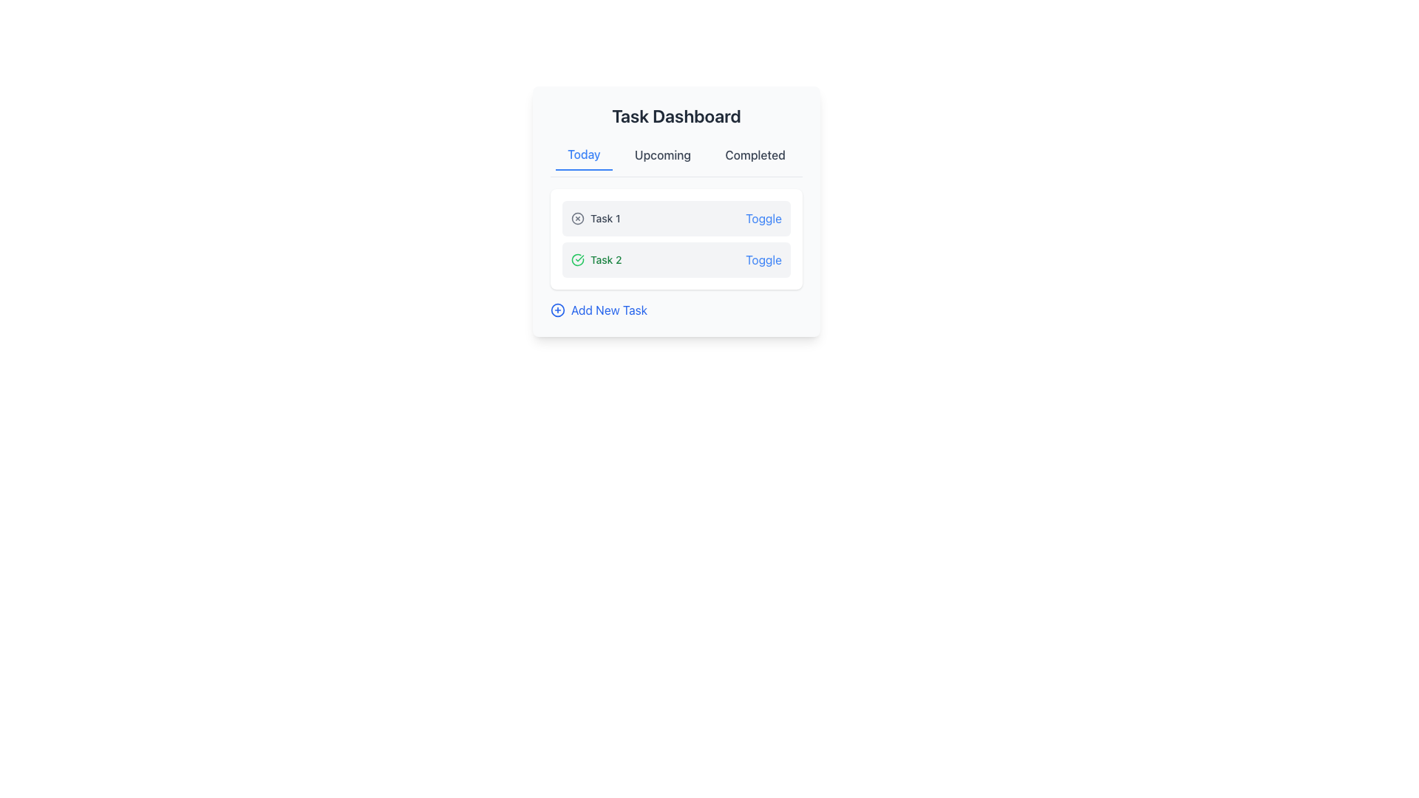 This screenshot has height=798, width=1419. Describe the element at coordinates (577, 219) in the screenshot. I see `the circular SVG graphic element with a gray outline located inside the 'Task 1' card, positioned to the left of the text 'Task 1', under the 'Today' tab in the 'Task Dashboard'` at that location.